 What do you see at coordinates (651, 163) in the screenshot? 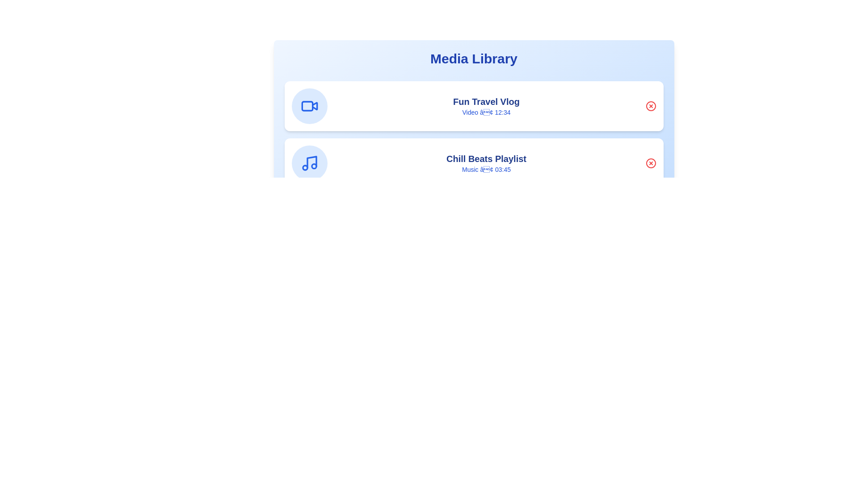
I see `the delete button for the media item titled 'Chill Beats Playlist'` at bounding box center [651, 163].